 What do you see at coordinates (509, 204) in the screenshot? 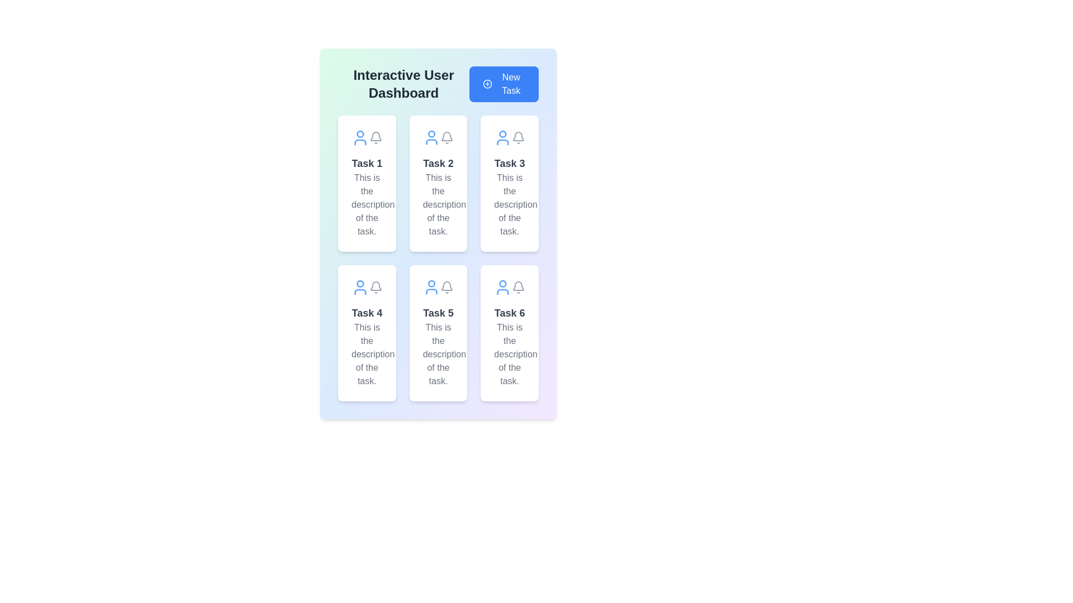
I see `text from the textual block displaying 'This is the description of the task.' which is styled in light gray and is located in the card titled 'Task 3'` at bounding box center [509, 204].